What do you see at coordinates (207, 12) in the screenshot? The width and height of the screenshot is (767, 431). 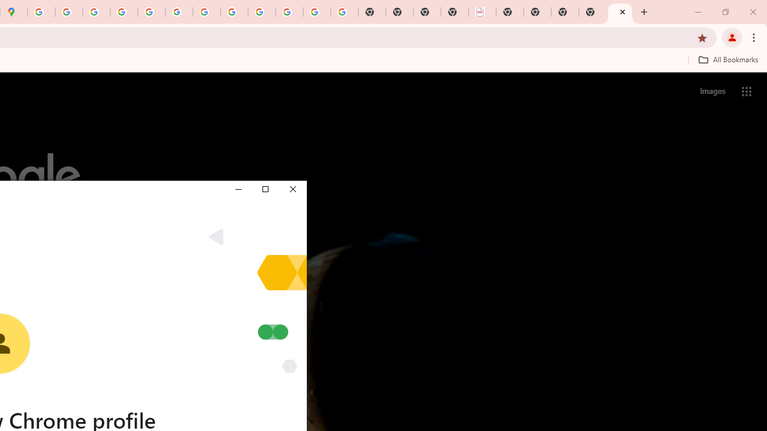 I see `'YouTube'` at bounding box center [207, 12].